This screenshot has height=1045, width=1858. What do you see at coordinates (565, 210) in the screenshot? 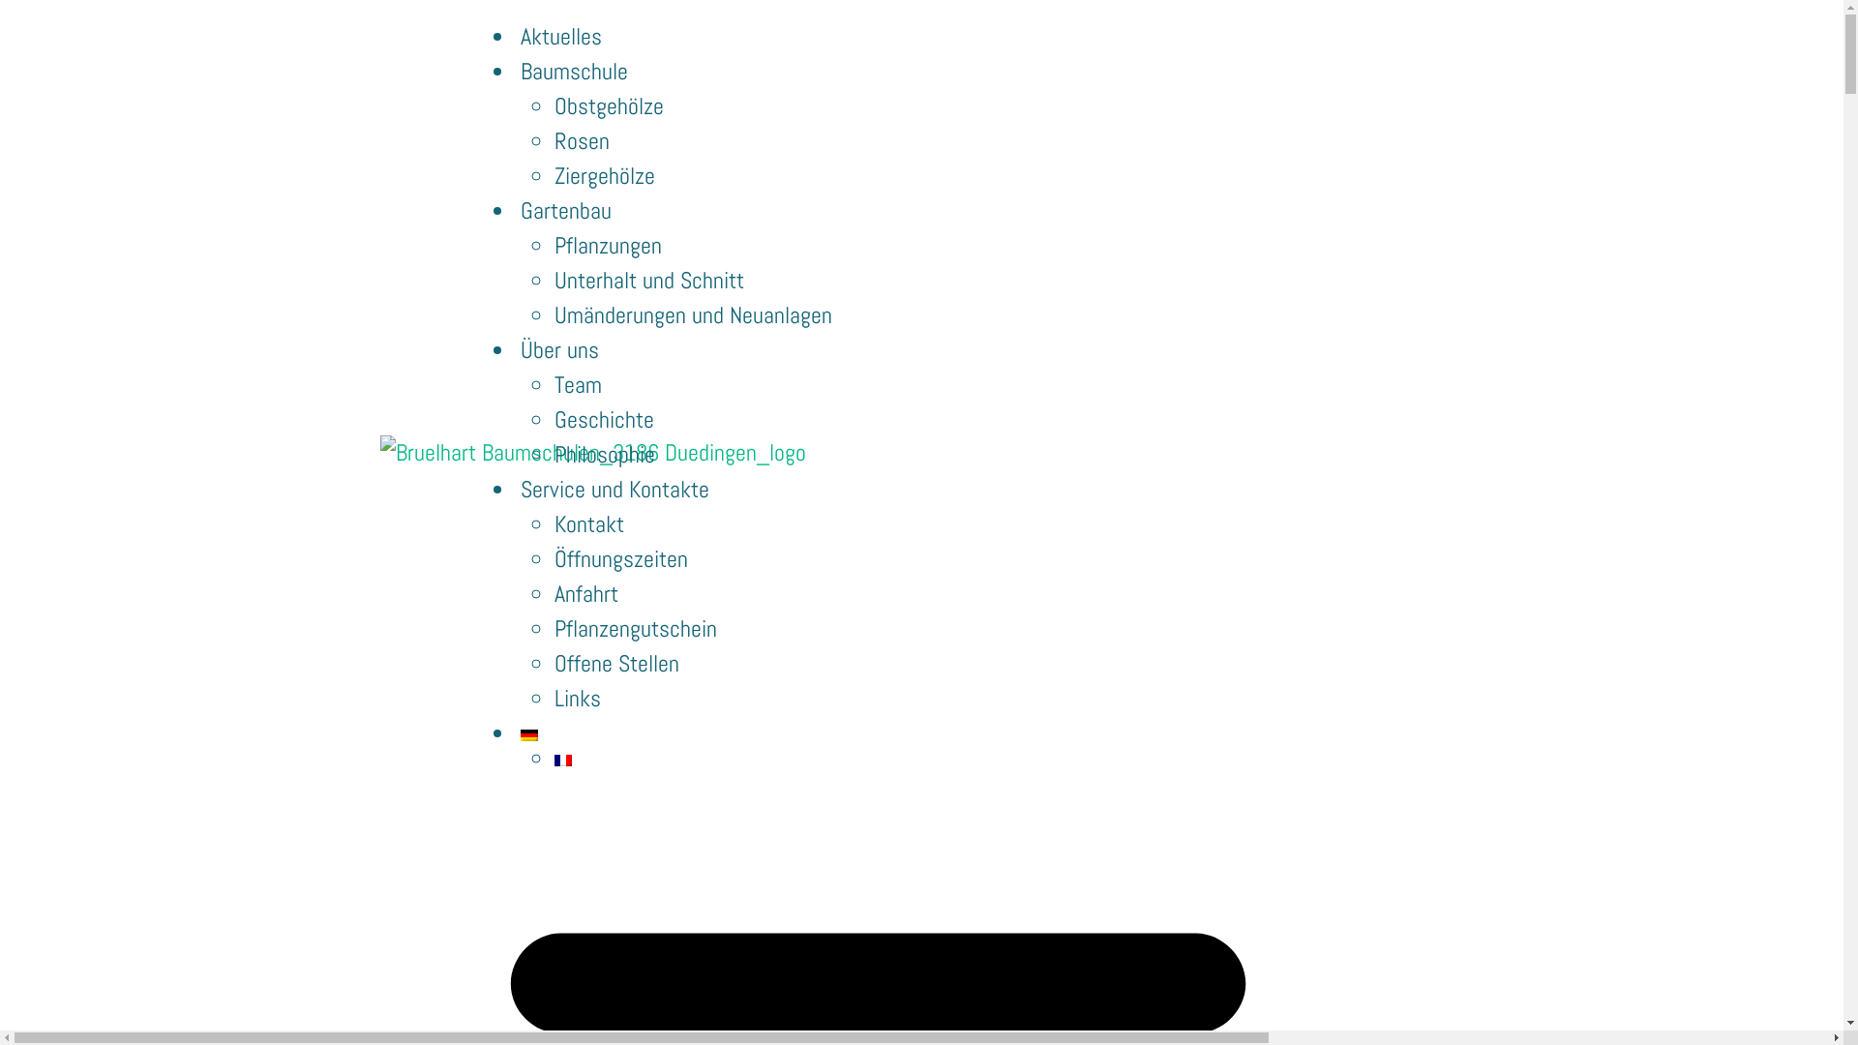
I see `'Gartenbau'` at bounding box center [565, 210].